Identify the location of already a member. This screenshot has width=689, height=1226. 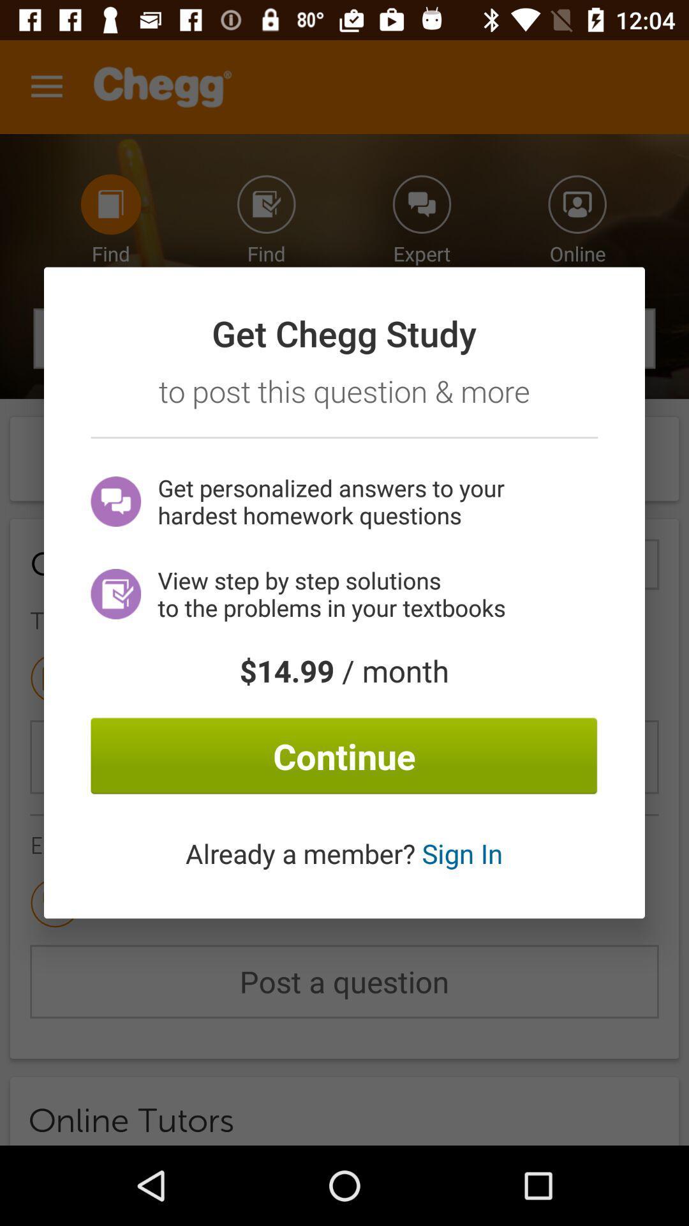
(343, 853).